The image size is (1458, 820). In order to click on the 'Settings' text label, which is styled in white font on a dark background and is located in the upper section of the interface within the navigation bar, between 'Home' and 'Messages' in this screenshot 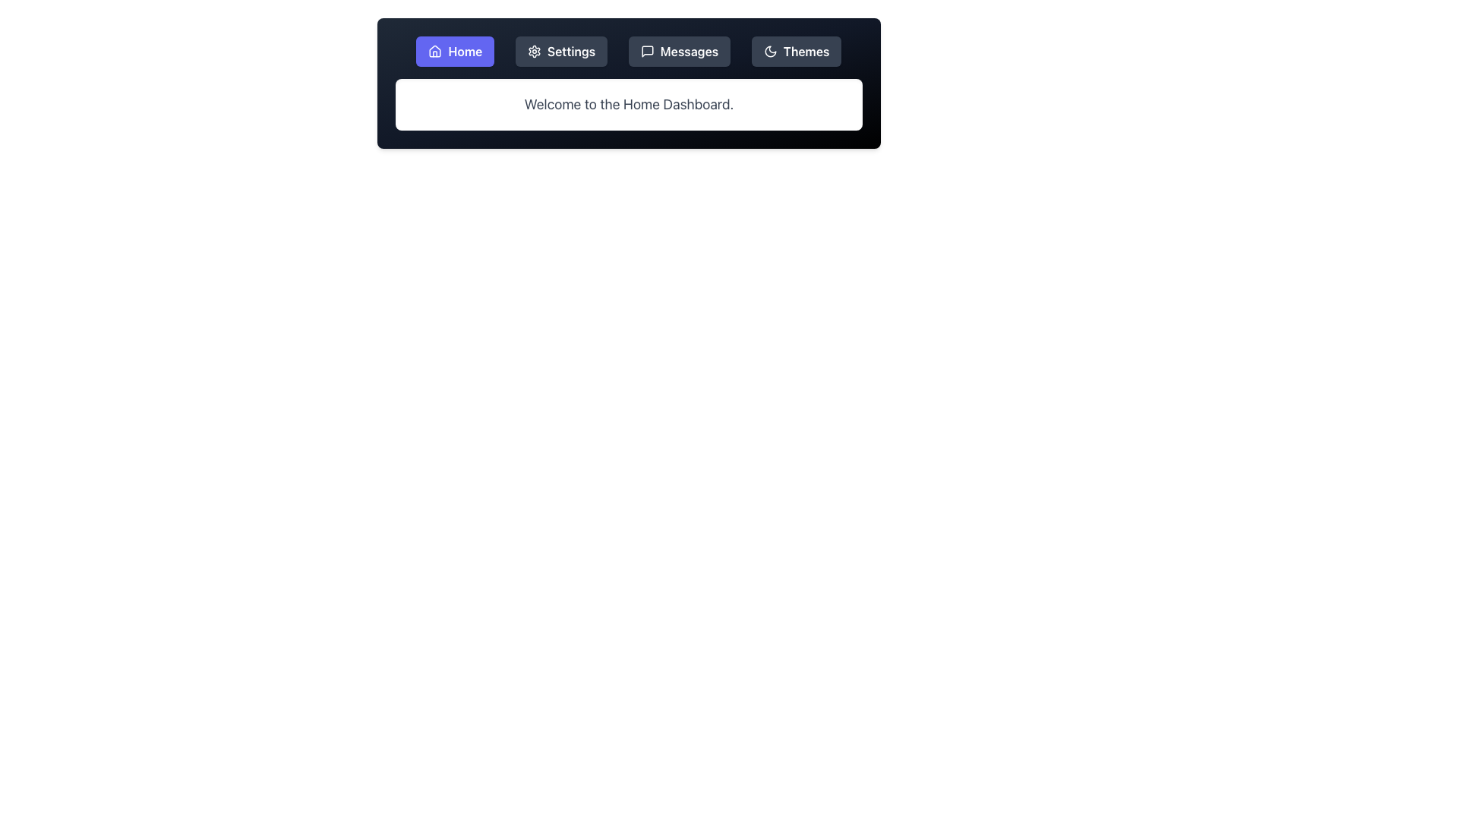, I will do `click(570, 51)`.